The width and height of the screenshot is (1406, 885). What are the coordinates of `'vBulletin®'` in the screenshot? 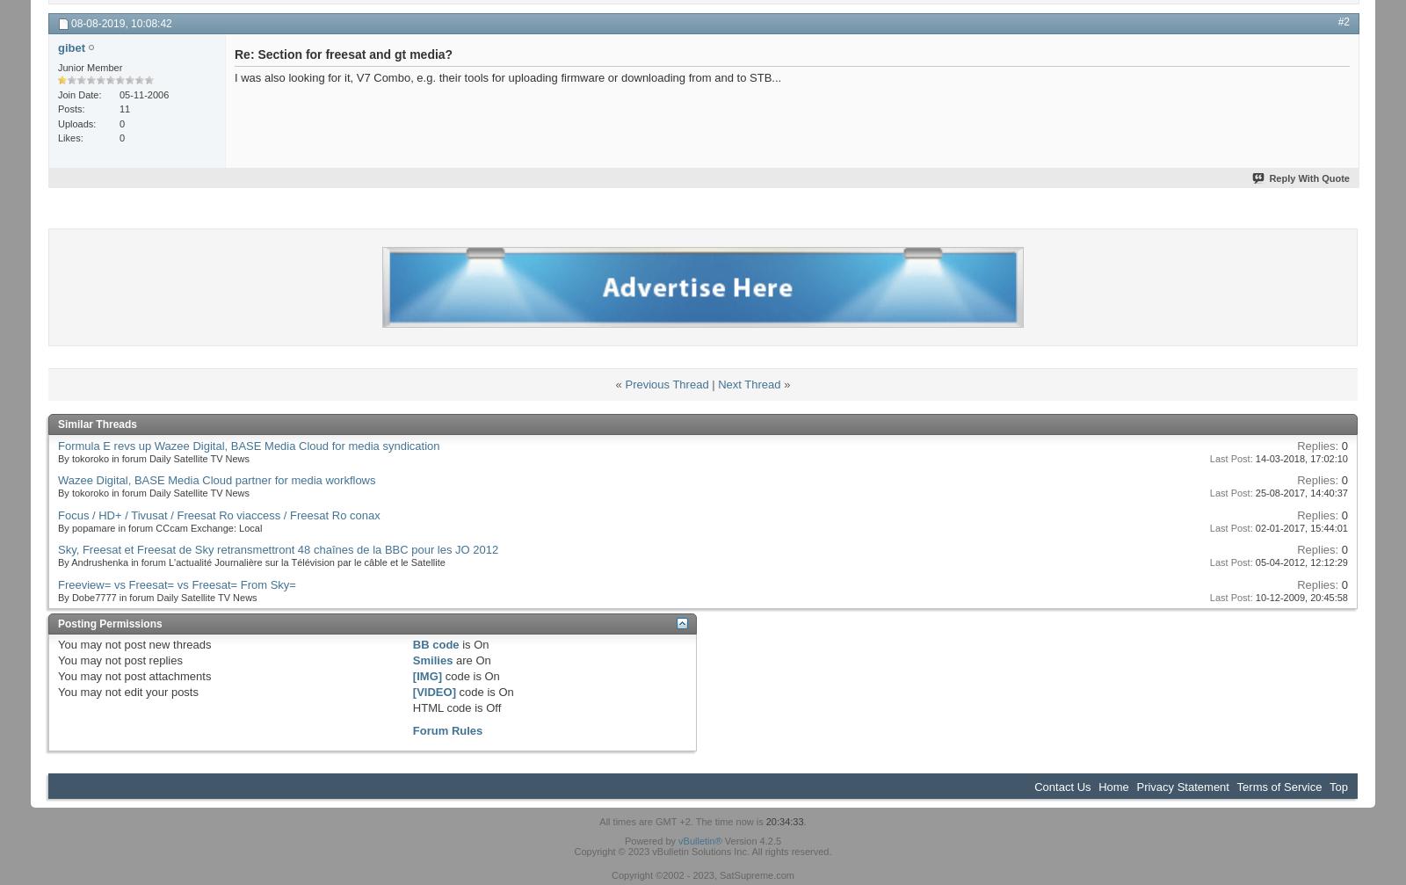 It's located at (699, 839).